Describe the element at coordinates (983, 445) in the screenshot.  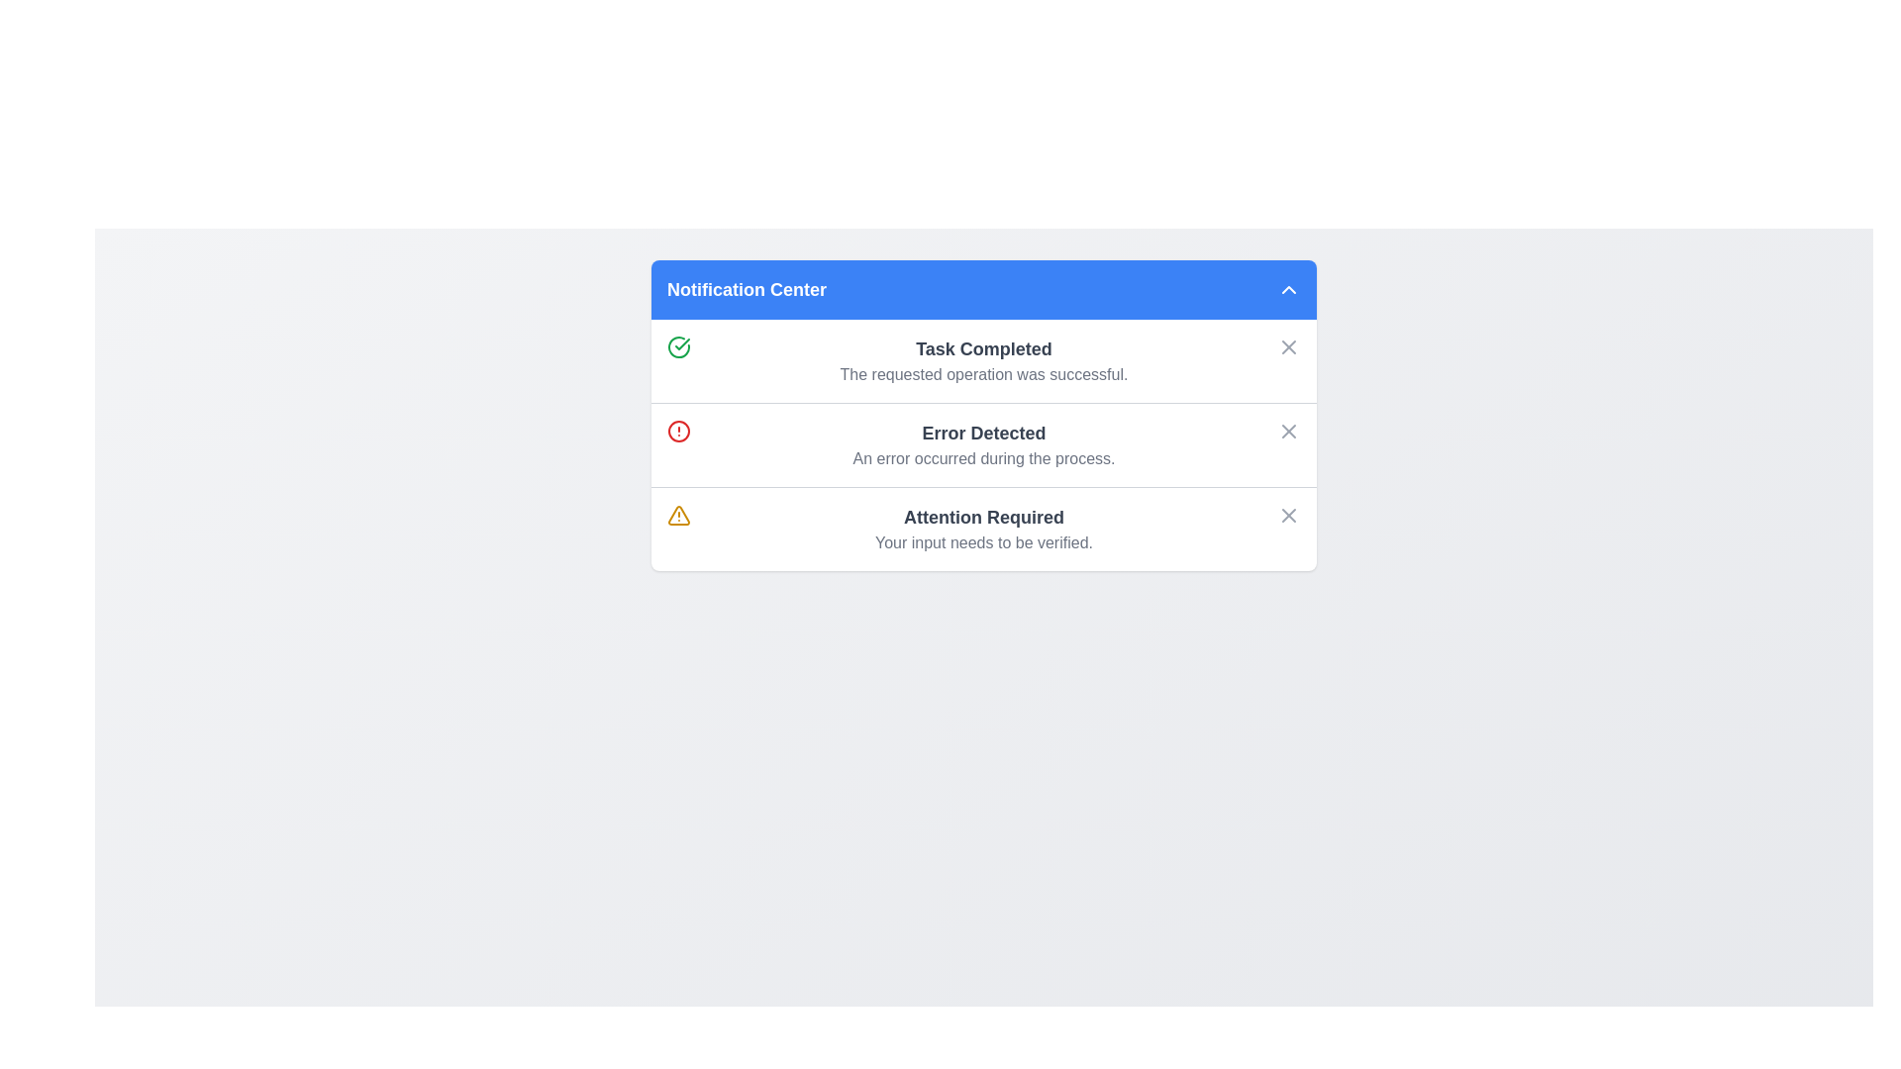
I see `the second notification item in the Notification Center to understand the error context` at that location.